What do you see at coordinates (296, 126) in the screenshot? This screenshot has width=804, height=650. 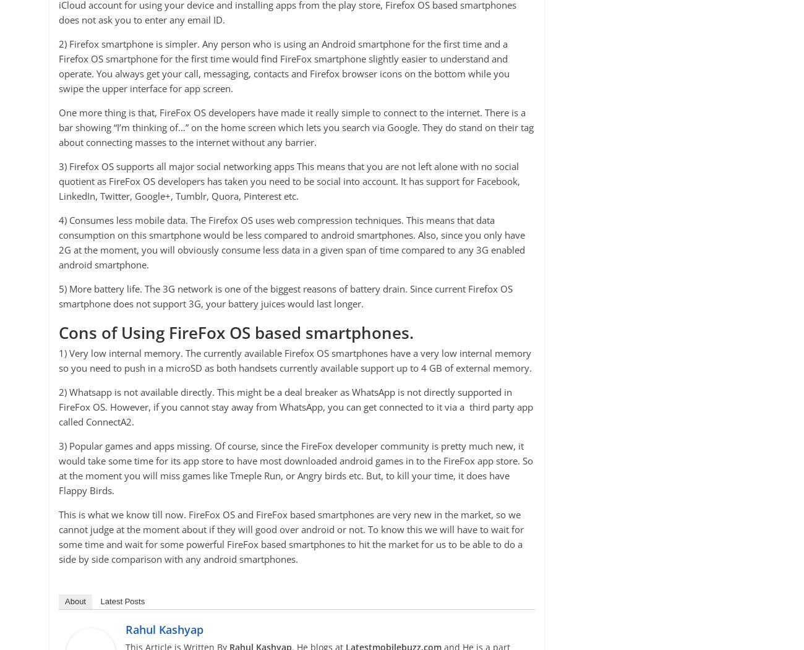 I see `'One more thing is that, FireFox OS developers have made it really simple to connect to the internet. There is a bar showing “I’m thinking of…” on the home screen which lets you search via Google. They do stand on their tag about connecting masses to the internet without any barrier.'` at bounding box center [296, 126].